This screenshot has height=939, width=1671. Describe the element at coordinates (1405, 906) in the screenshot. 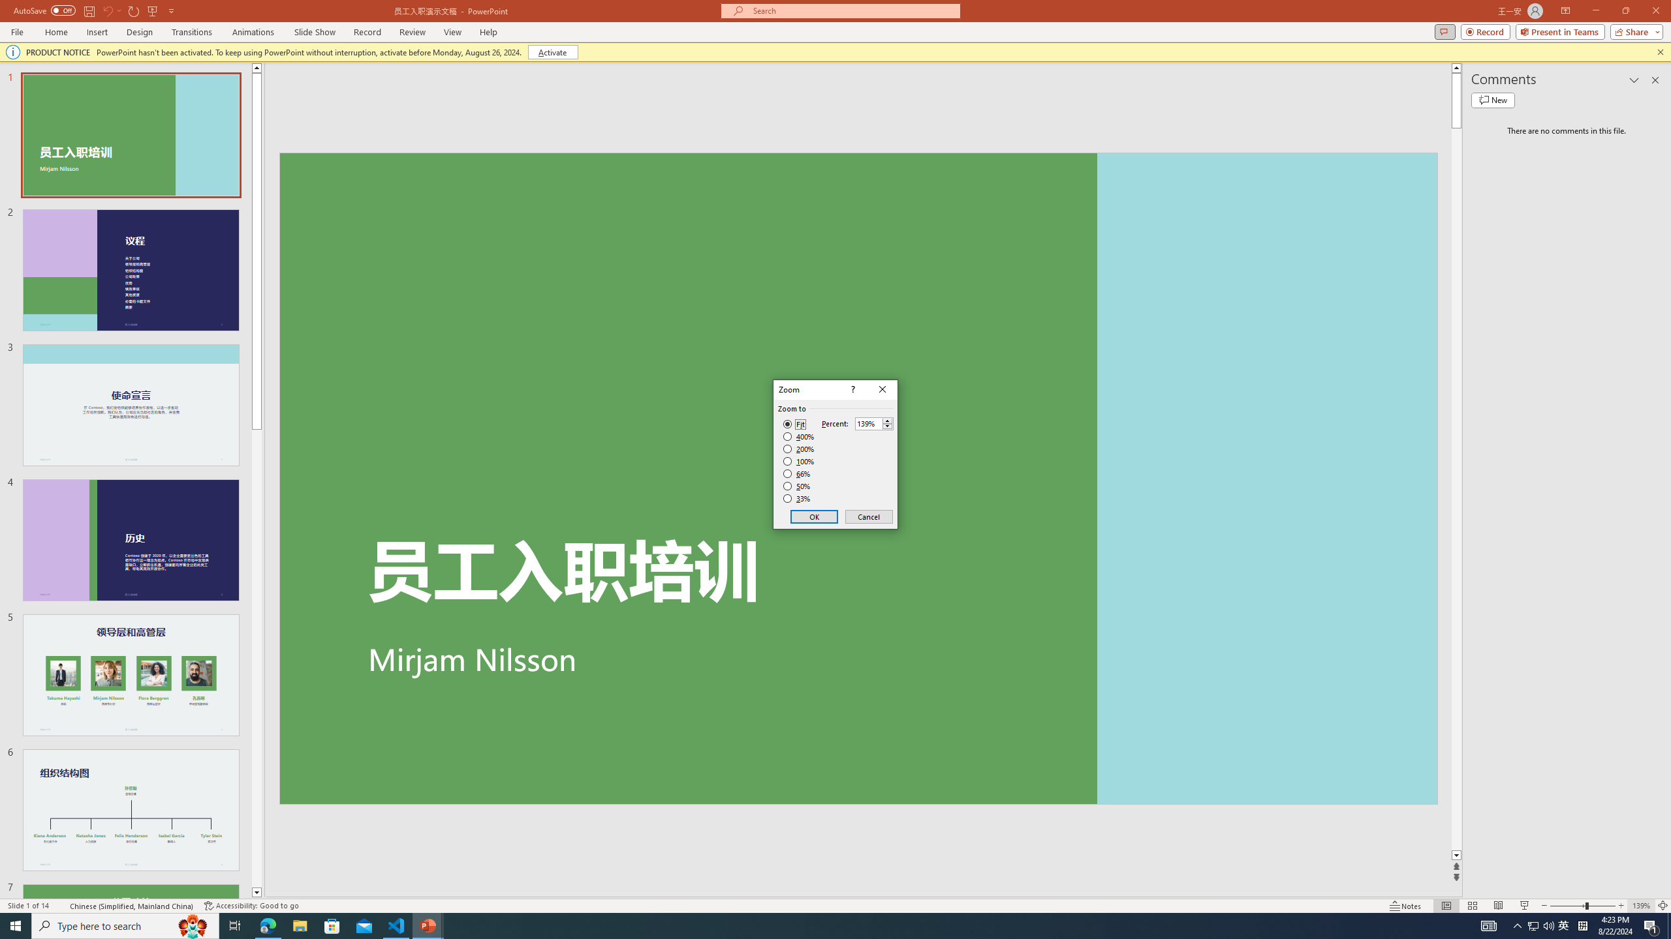

I see `'Notes '` at that location.